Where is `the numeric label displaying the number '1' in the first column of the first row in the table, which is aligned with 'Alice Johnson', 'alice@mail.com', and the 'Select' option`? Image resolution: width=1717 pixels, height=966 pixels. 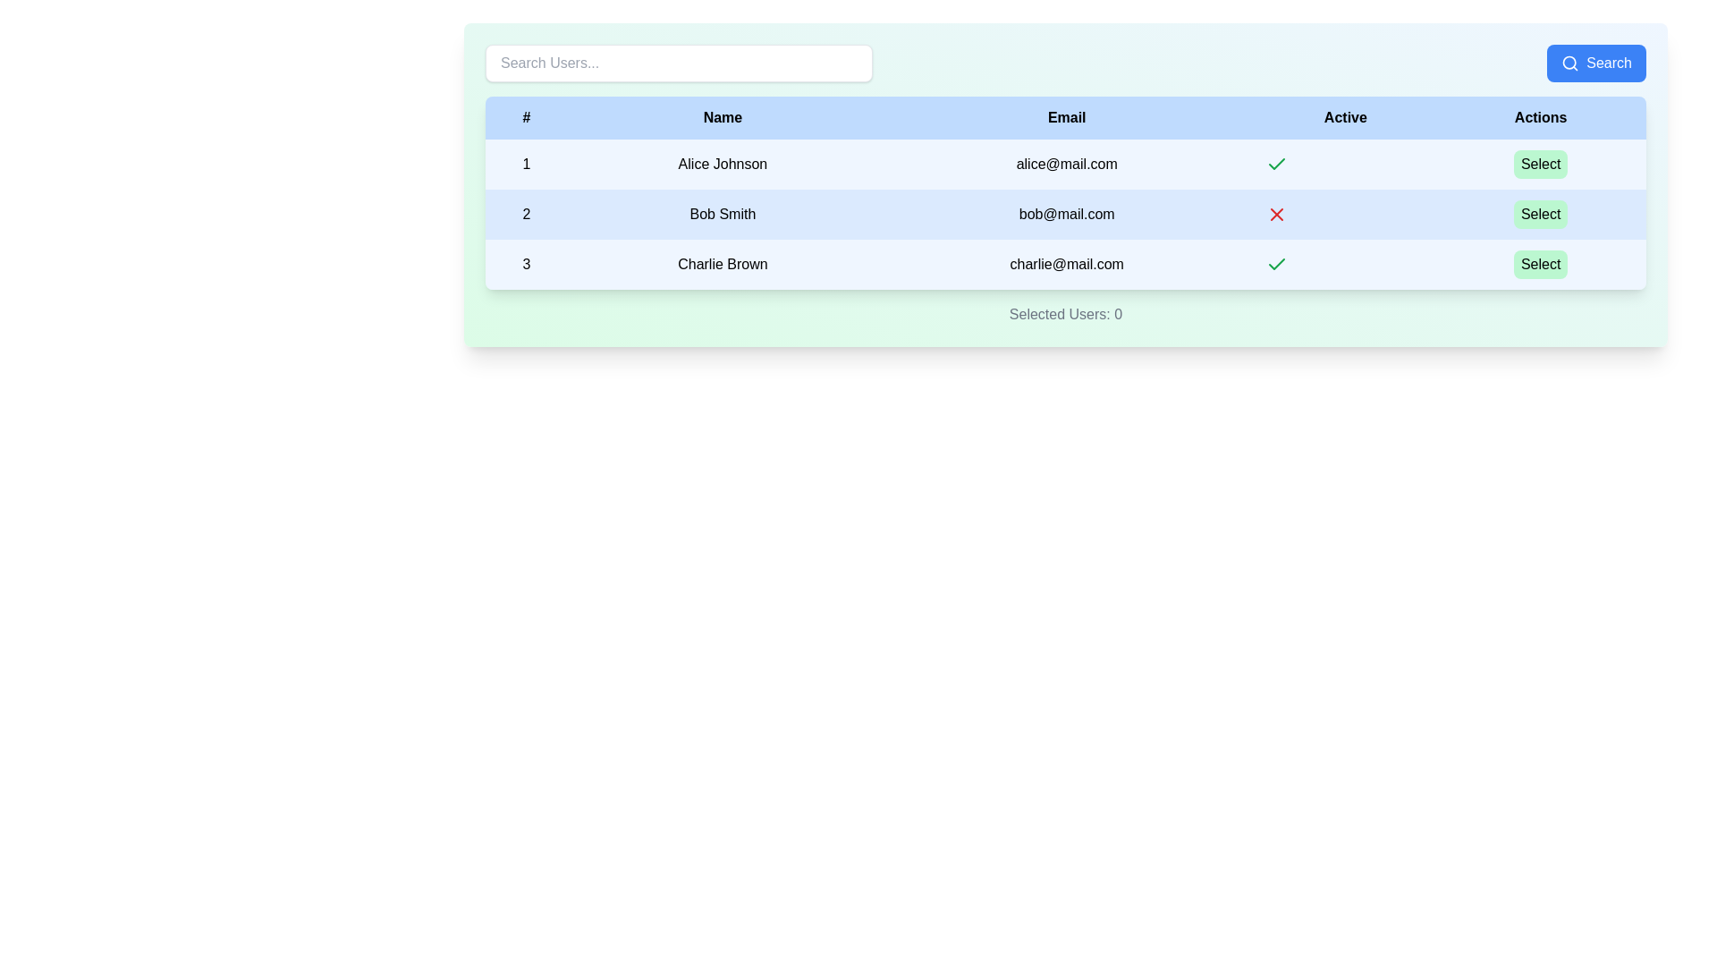 the numeric label displaying the number '1' in the first column of the first row in the table, which is aligned with 'Alice Johnson', 'alice@mail.com', and the 'Select' option is located at coordinates (525, 165).